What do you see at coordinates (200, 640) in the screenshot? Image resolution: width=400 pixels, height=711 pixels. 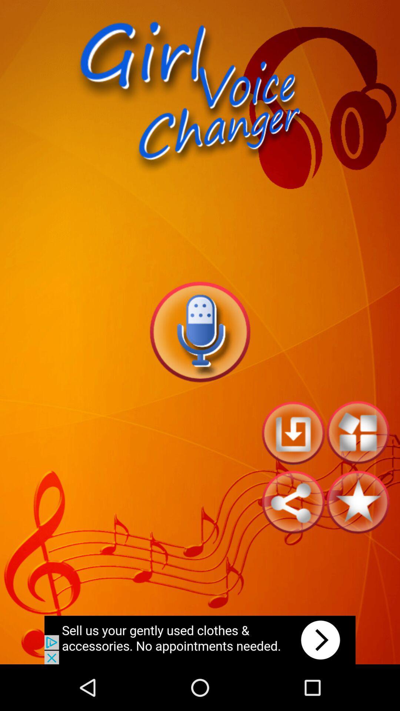 I see `clicks the advertisement` at bounding box center [200, 640].